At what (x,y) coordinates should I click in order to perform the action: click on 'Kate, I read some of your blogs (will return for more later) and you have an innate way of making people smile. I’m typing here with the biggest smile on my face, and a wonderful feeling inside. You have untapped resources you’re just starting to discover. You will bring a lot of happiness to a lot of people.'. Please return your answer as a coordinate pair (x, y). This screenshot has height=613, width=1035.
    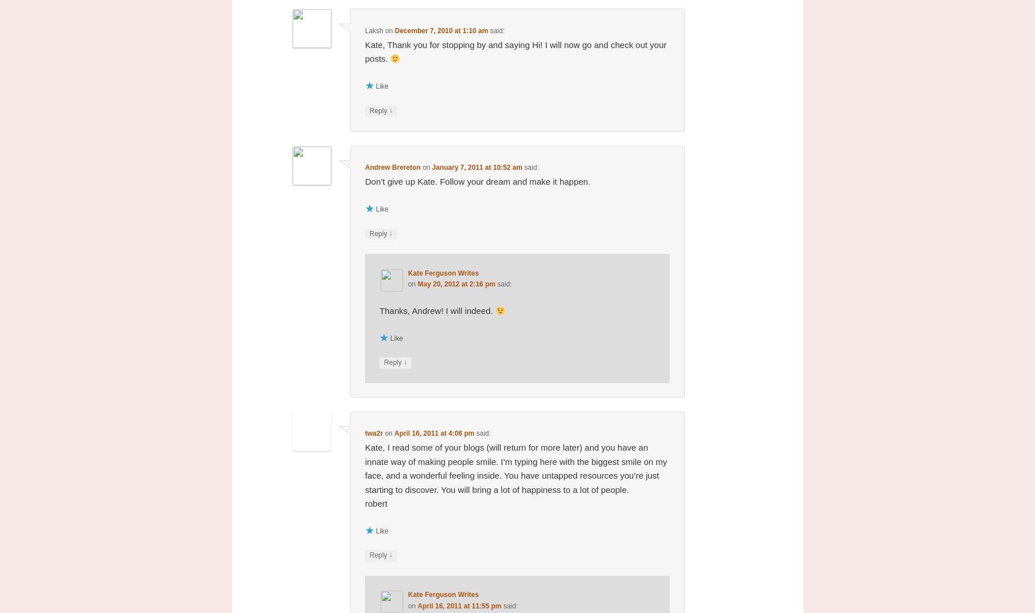
    Looking at the image, I should click on (515, 468).